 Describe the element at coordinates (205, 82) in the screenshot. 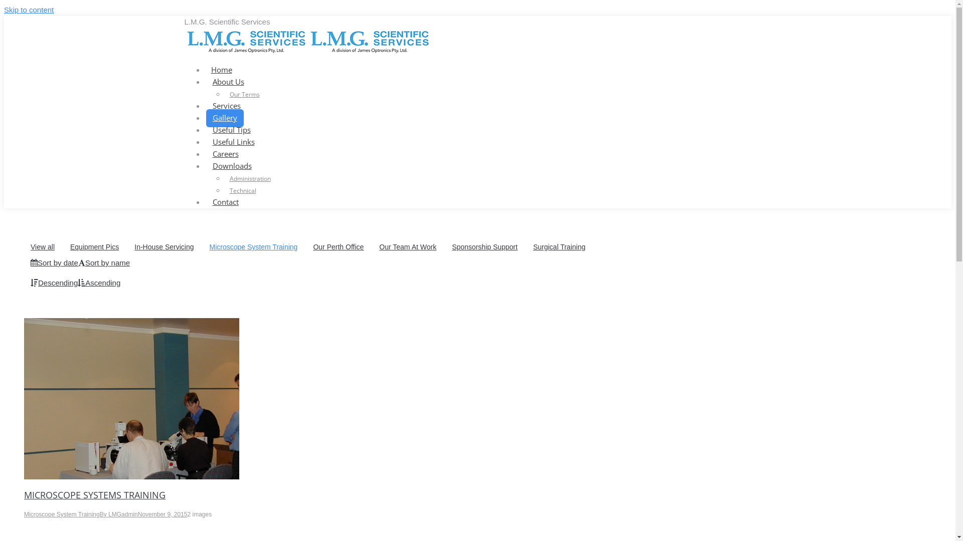

I see `'About Us'` at that location.